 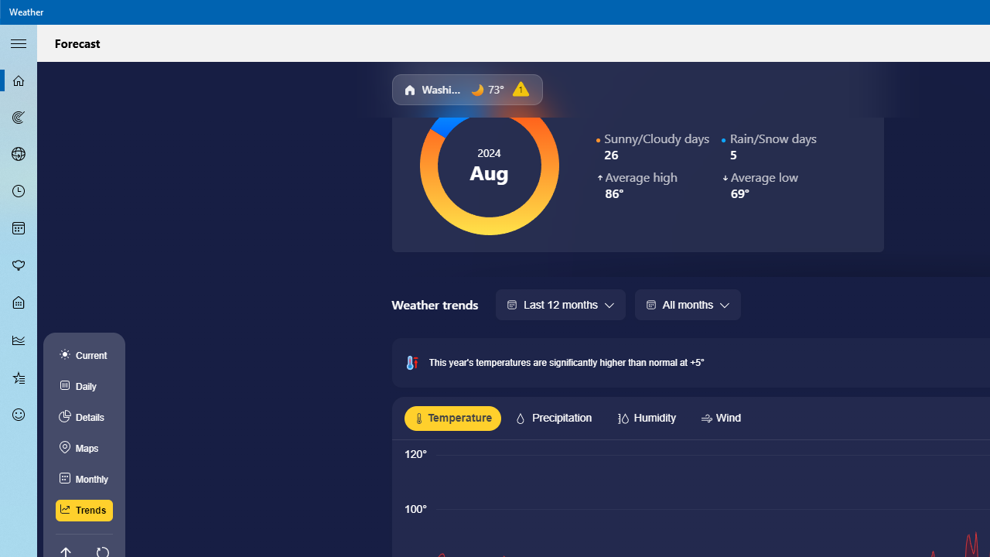 What do you see at coordinates (19, 228) in the screenshot?
I see `'Monthly Forecast - Not Selected'` at bounding box center [19, 228].